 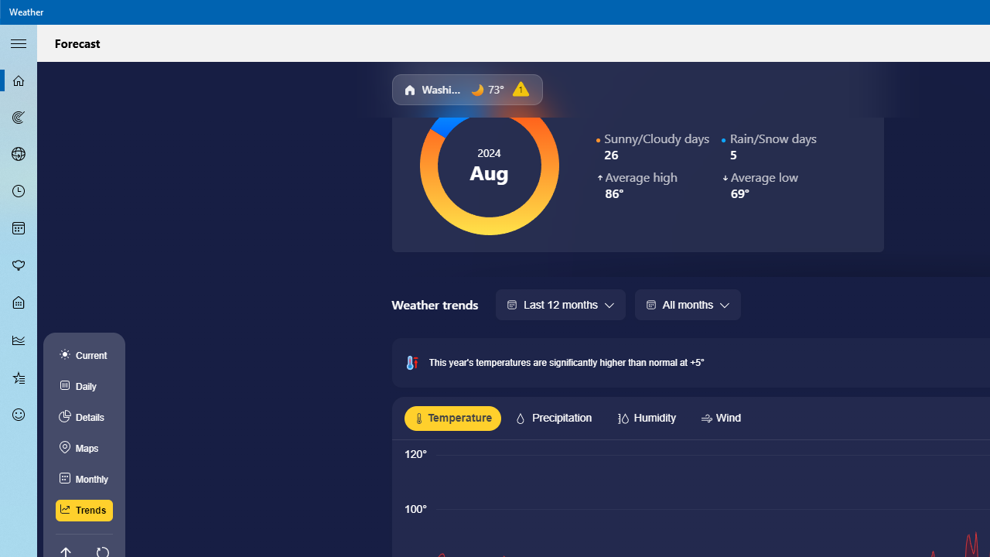 What do you see at coordinates (19, 228) in the screenshot?
I see `'Monthly Forecast - Not Selected'` at bounding box center [19, 228].